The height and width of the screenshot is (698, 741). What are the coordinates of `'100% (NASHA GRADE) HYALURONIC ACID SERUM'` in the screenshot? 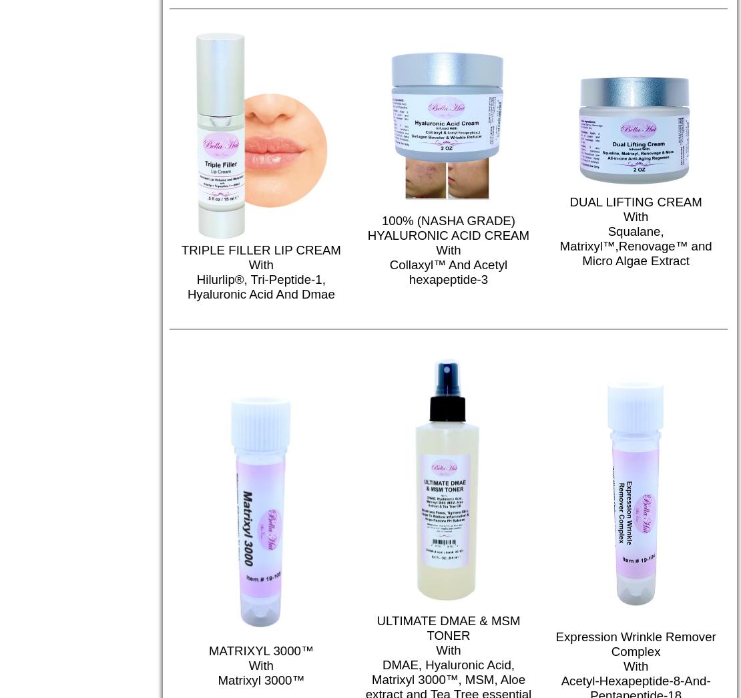 It's located at (368, 671).